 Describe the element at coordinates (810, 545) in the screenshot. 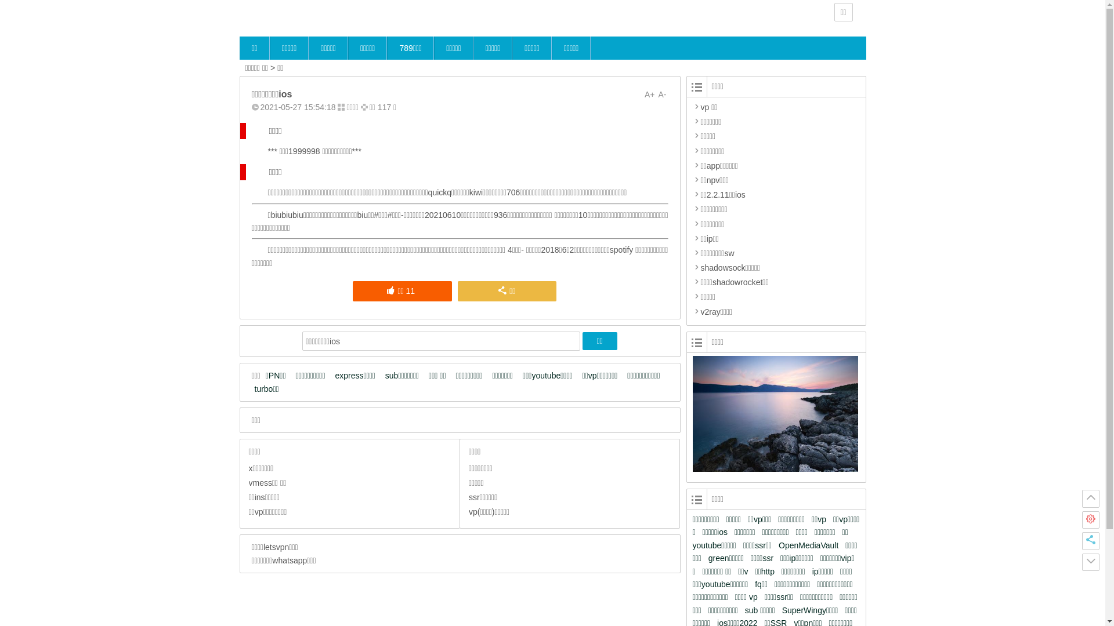

I see `'OpenMediaVault'` at that location.